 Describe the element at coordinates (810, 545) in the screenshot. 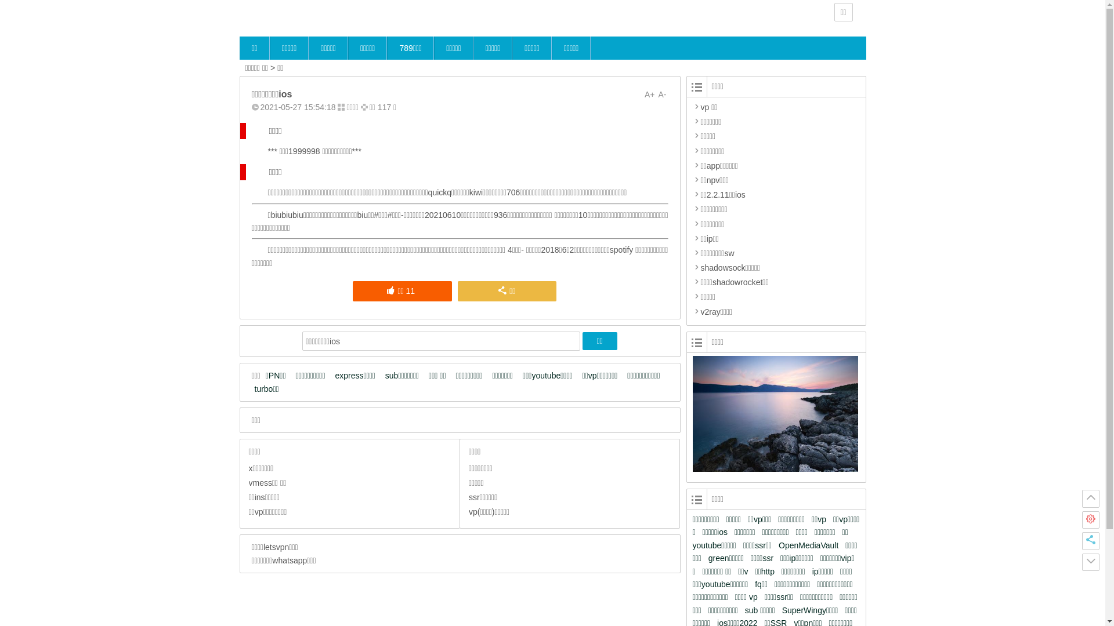

I see `'OpenMediaVault'` at that location.